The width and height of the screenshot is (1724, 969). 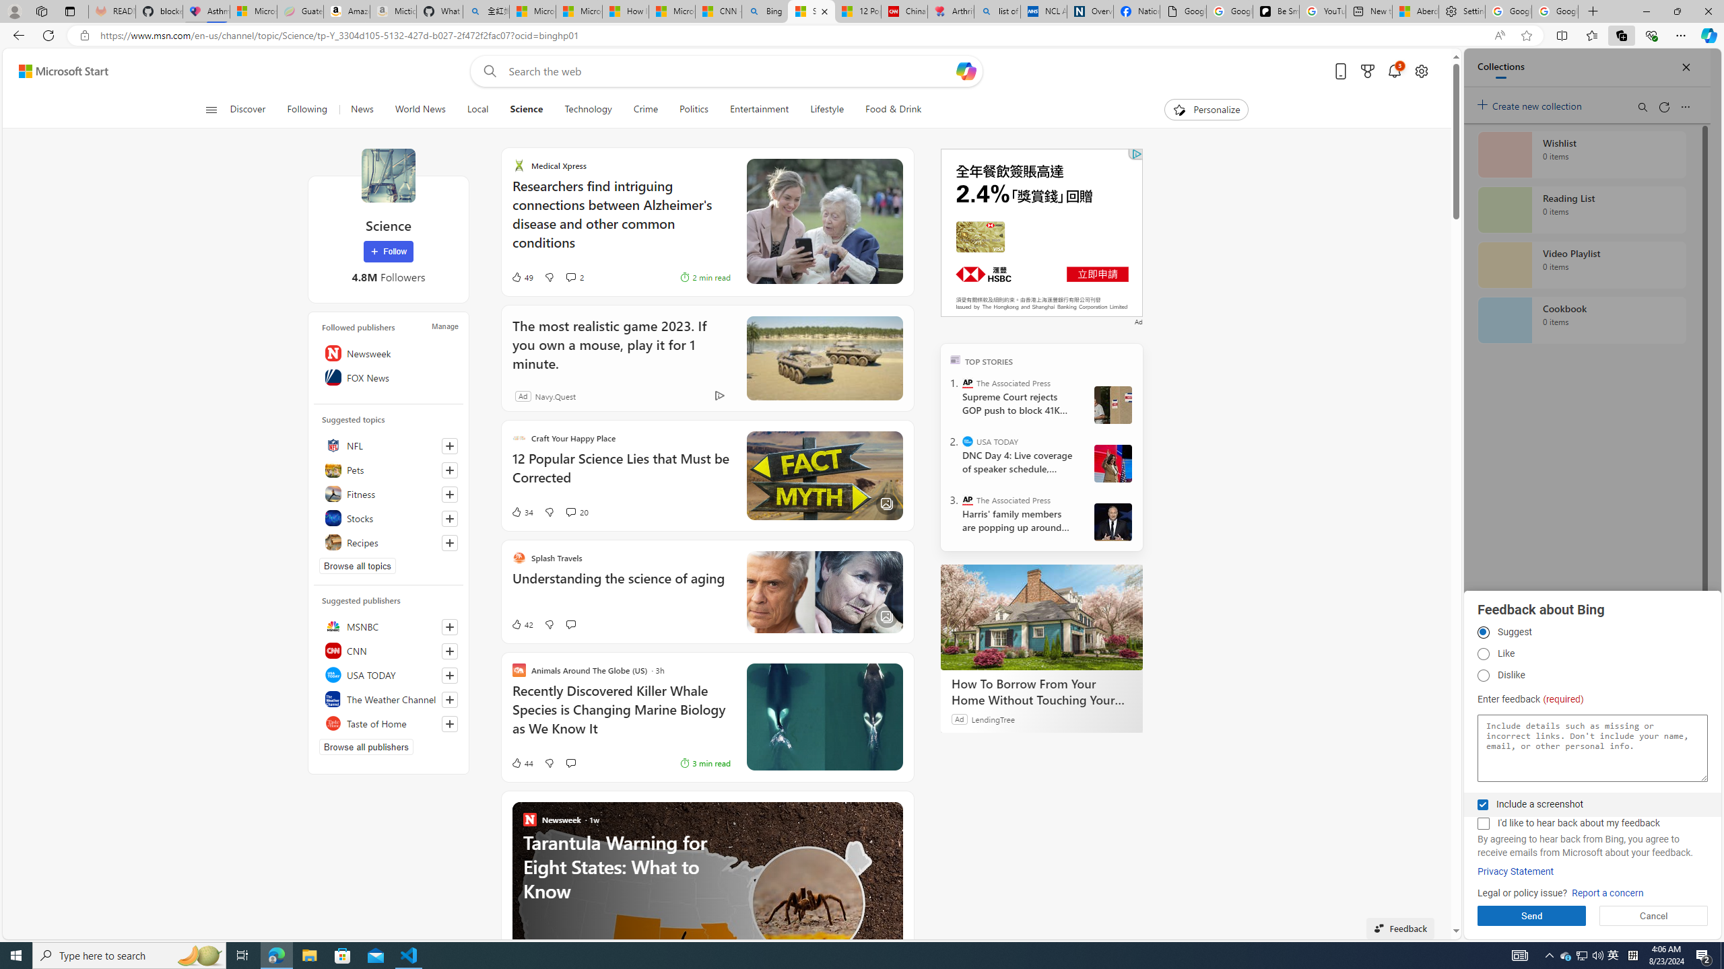 I want to click on 'Suggest Suggest', so click(x=1482, y=632).